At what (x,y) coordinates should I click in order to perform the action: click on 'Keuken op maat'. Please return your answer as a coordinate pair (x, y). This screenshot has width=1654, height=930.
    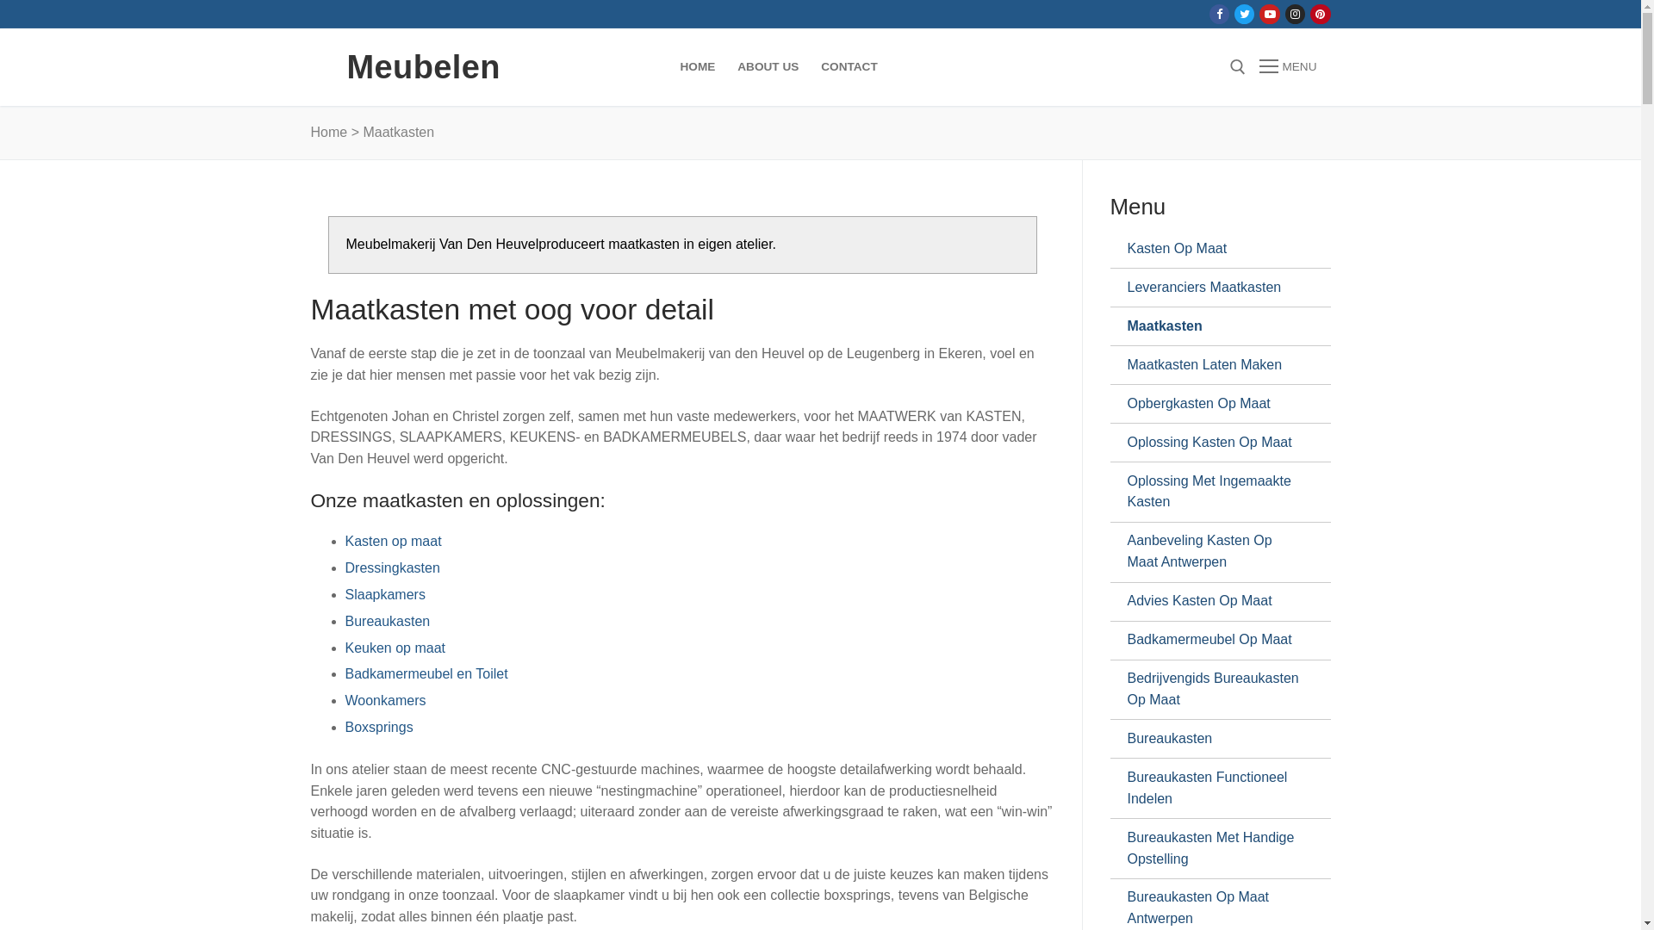
    Looking at the image, I should click on (394, 648).